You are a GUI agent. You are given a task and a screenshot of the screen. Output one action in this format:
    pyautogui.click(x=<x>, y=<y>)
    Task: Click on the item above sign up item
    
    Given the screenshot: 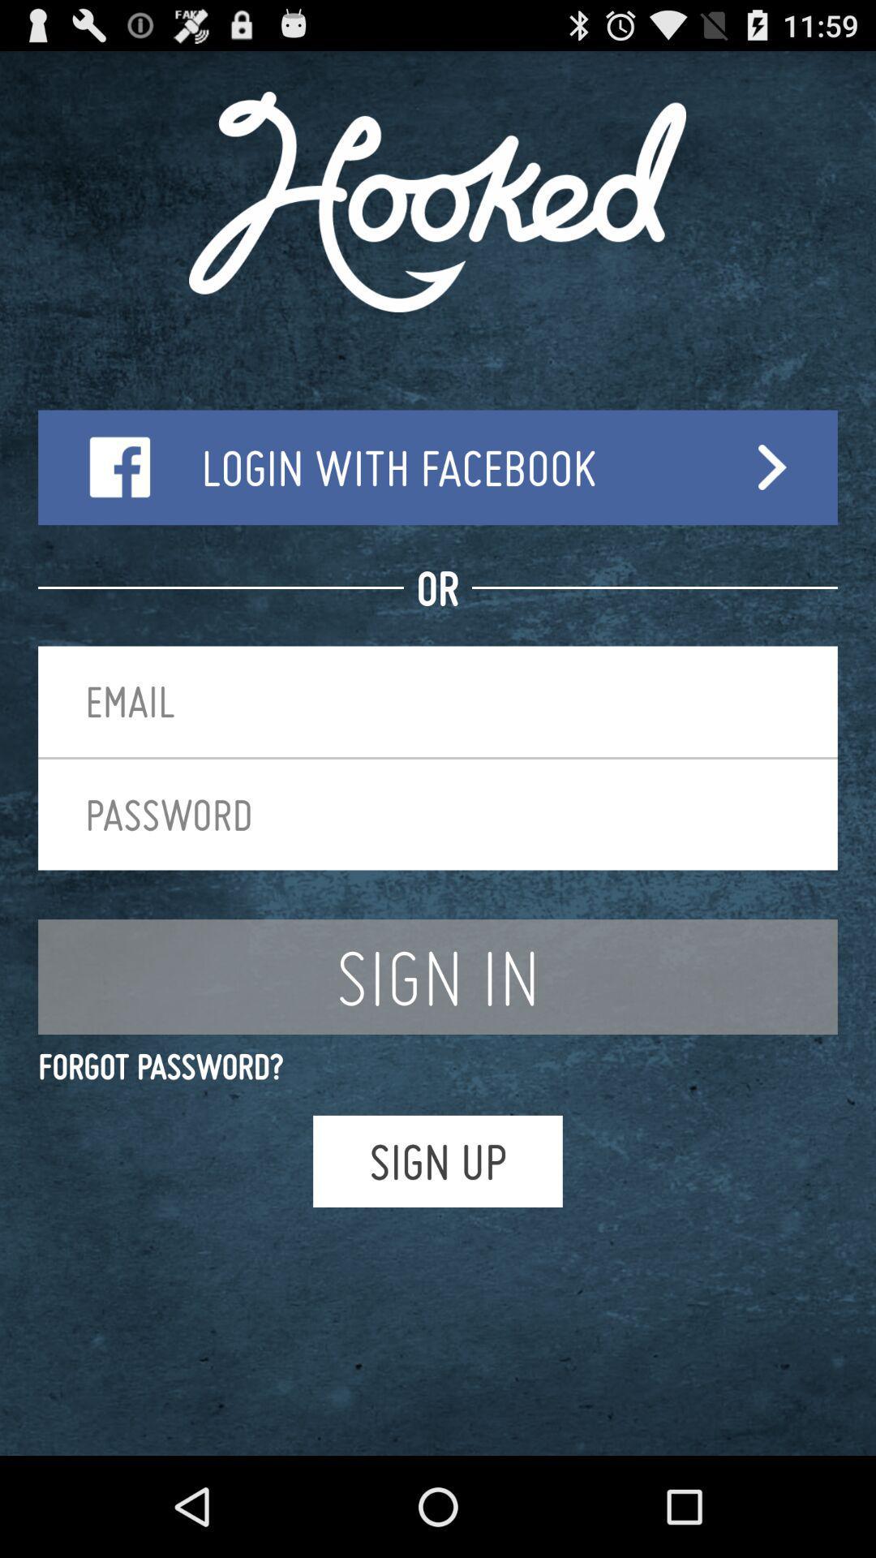 What is the action you would take?
    pyautogui.click(x=438, y=1066)
    